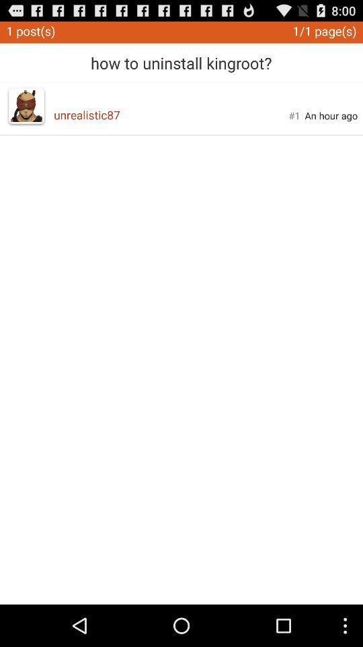  I want to click on app next to unrealistic87 icon, so click(26, 105).